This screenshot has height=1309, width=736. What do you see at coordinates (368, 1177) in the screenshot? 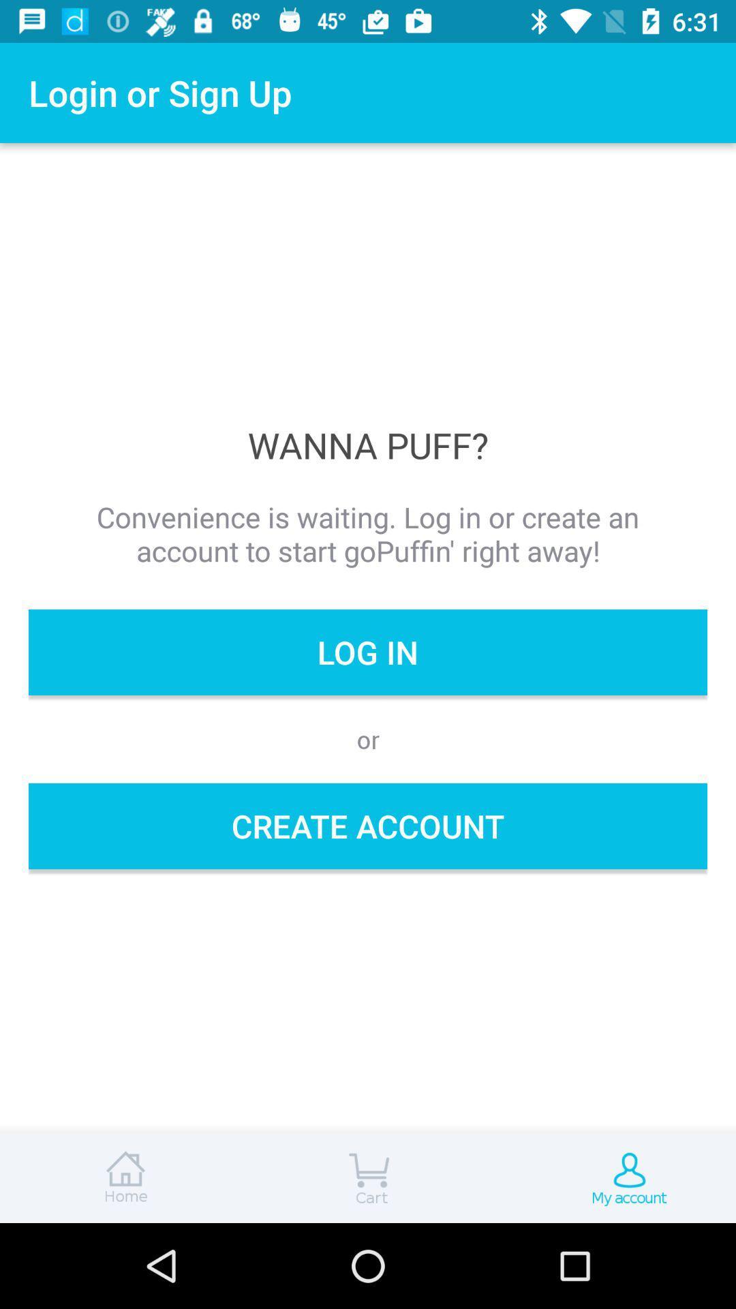
I see `open cart` at bounding box center [368, 1177].